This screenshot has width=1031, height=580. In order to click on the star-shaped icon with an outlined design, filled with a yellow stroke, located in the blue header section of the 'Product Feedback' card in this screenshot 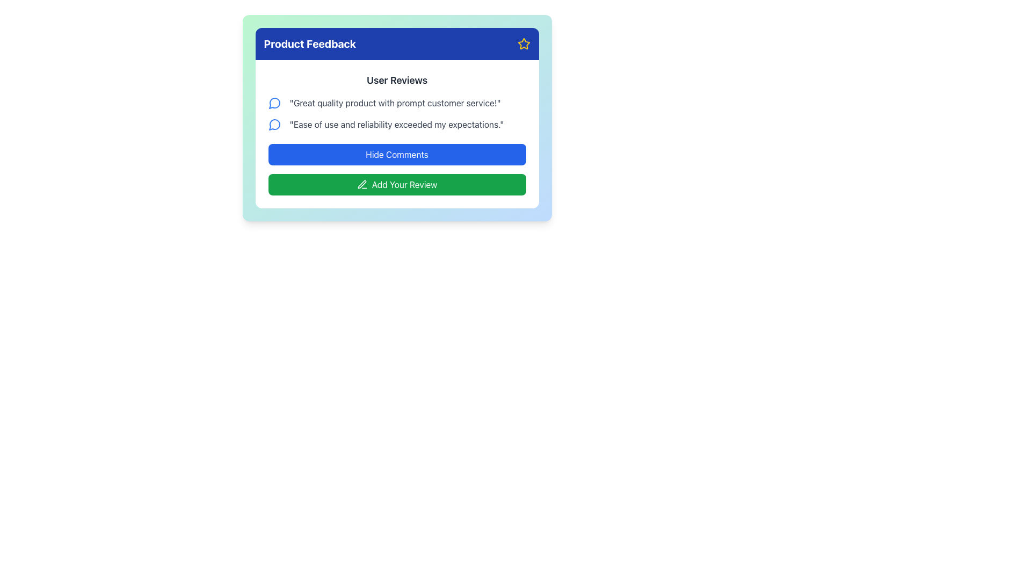, I will do `click(524, 43)`.